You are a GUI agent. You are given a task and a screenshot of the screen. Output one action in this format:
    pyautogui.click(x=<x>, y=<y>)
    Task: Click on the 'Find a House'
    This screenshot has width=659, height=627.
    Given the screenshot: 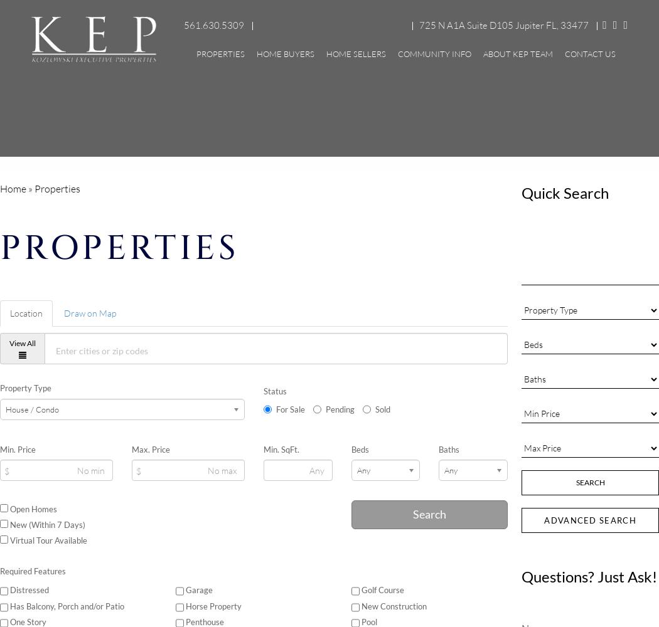 What is the action you would take?
    pyautogui.click(x=303, y=142)
    